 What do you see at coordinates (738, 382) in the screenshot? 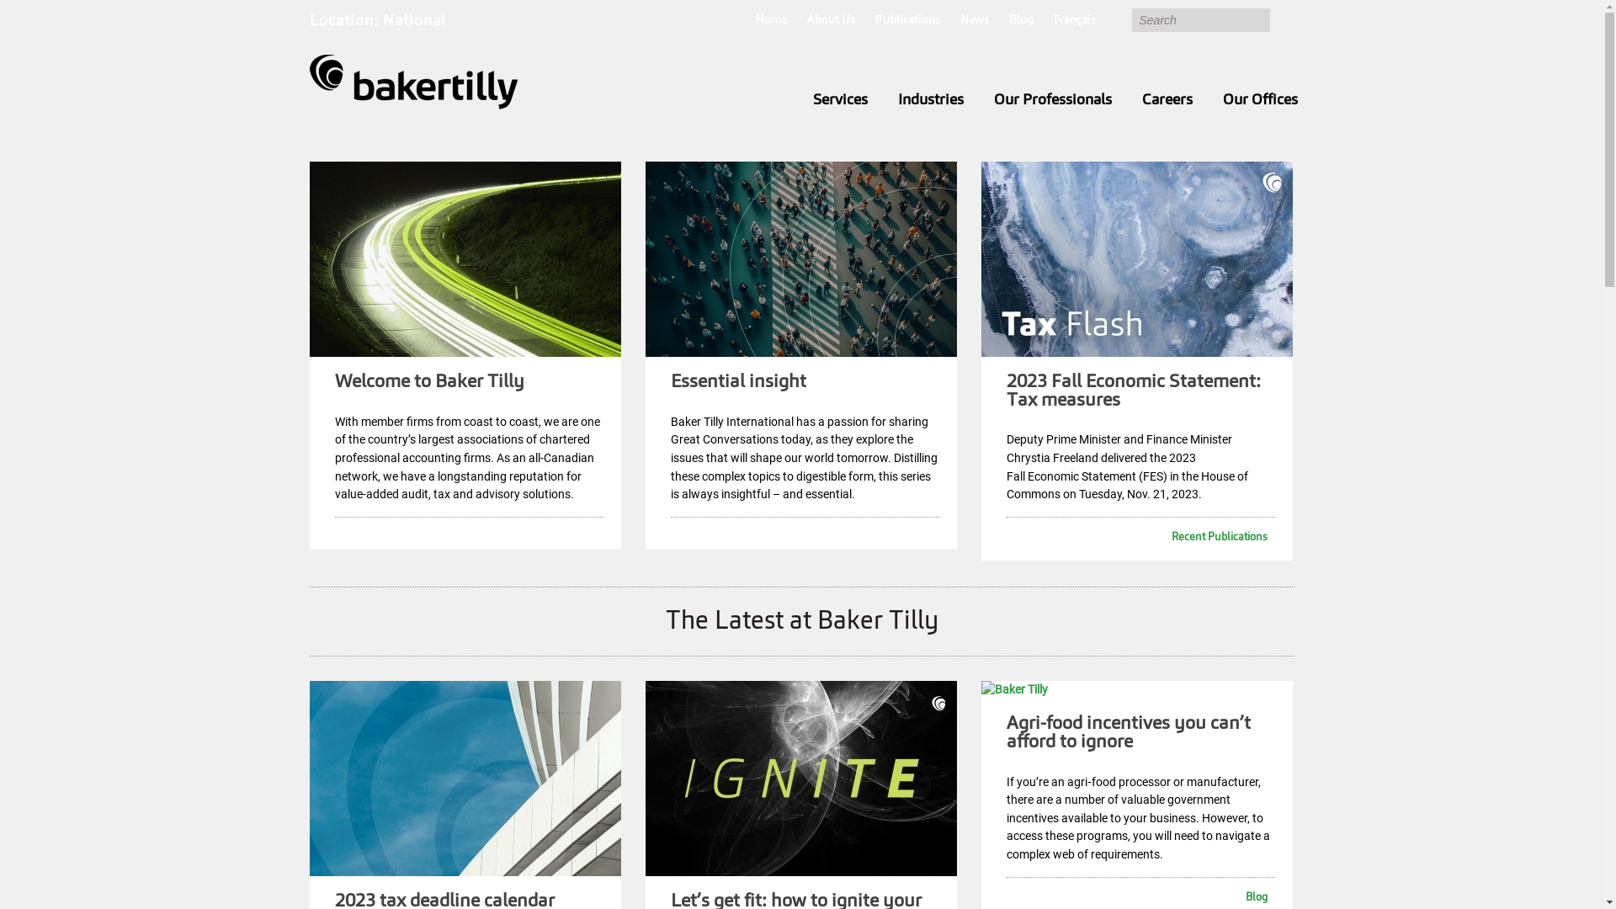
I see `'Essential insight'` at bounding box center [738, 382].